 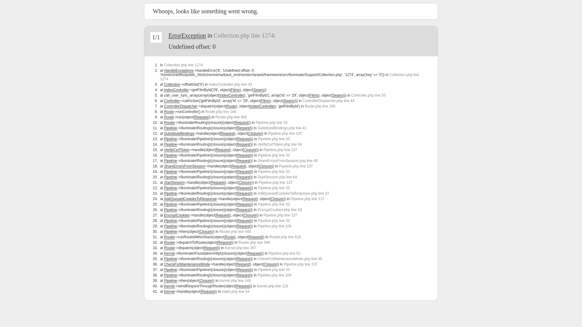 I want to click on 'EncryptCookies.php line 59', so click(x=279, y=210).